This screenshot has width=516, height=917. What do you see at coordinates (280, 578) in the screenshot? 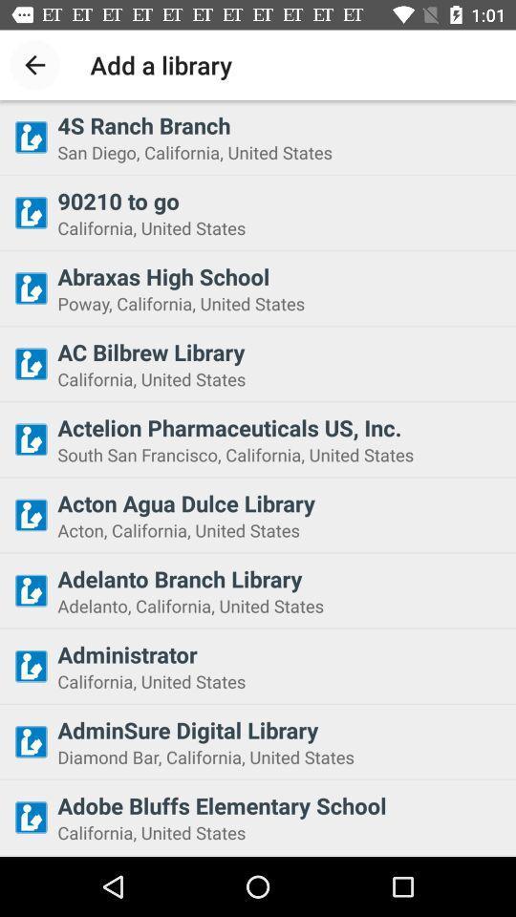
I see `adelanto branch library` at bounding box center [280, 578].